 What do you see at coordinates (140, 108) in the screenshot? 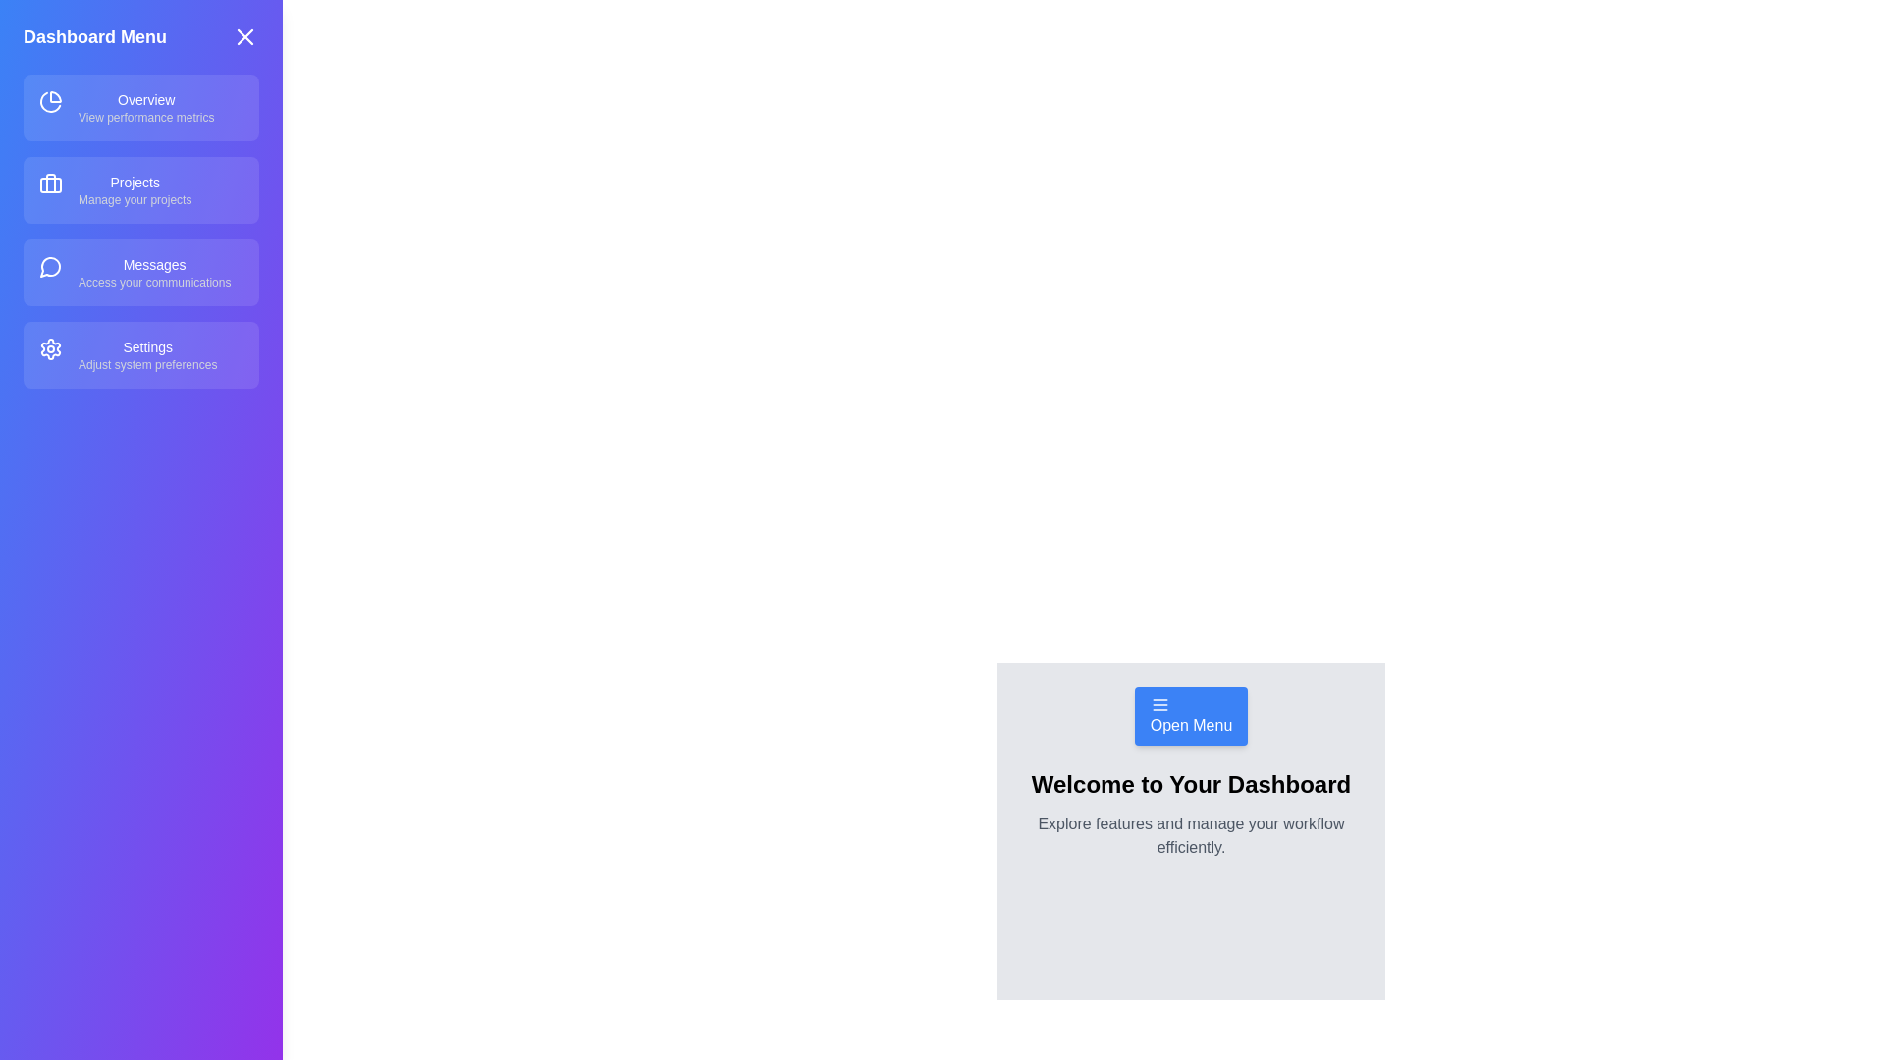
I see `the menu item Overview to observe visual feedback` at bounding box center [140, 108].